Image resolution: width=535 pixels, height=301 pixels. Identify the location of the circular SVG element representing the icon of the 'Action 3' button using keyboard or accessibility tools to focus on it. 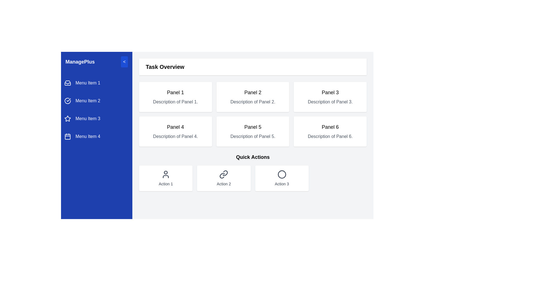
(282, 174).